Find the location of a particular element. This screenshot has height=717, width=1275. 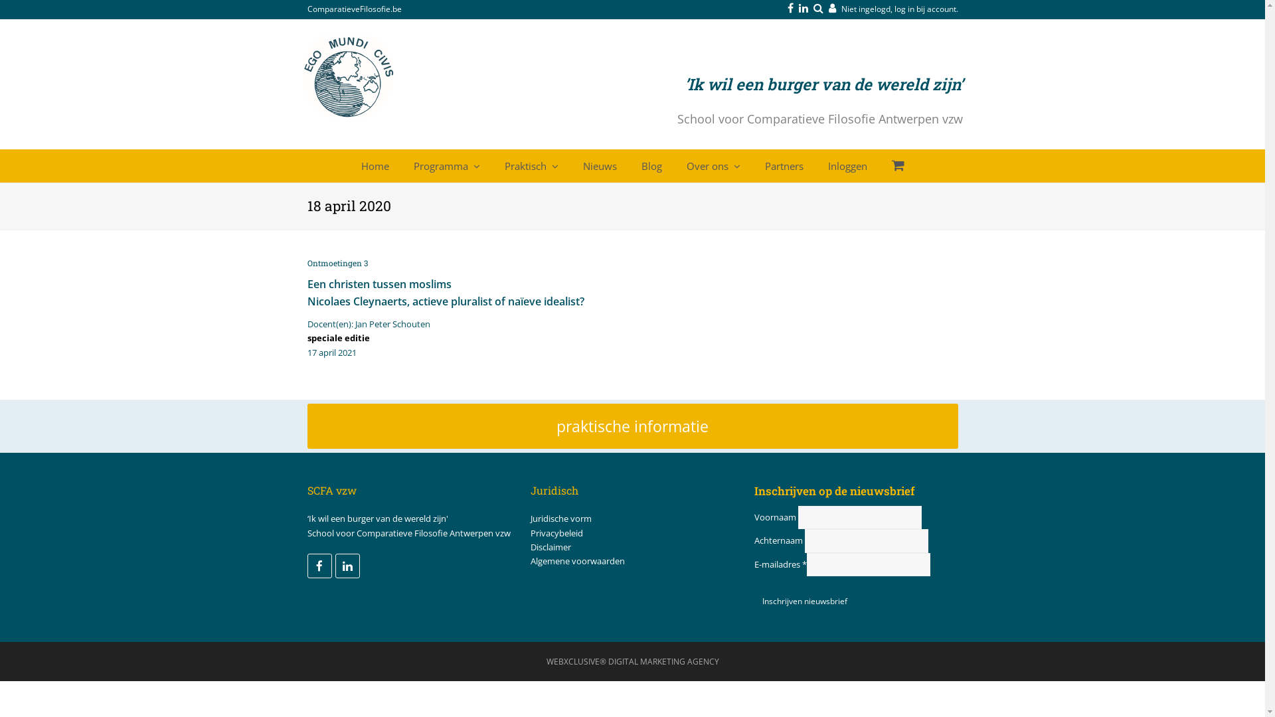

'Praktisch' is located at coordinates (492, 165).